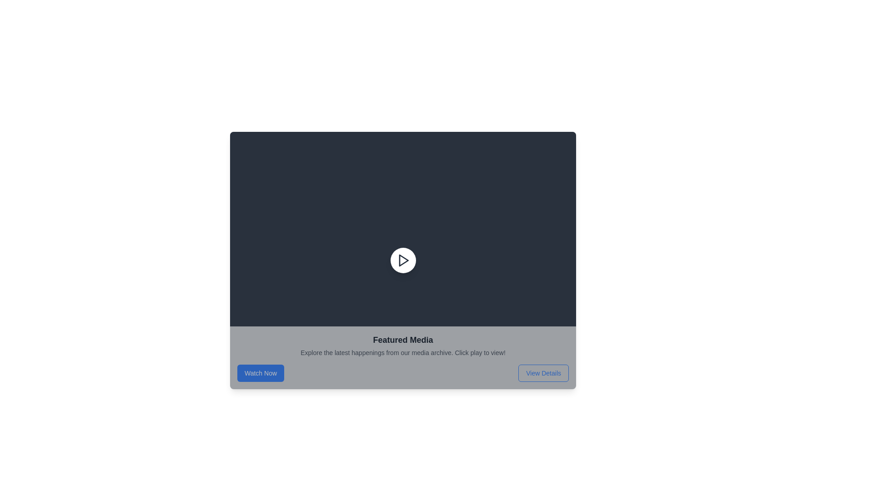  What do you see at coordinates (402, 340) in the screenshot?
I see `the text label styled with bold typography that displays 'Featured Media', positioned above a descriptive paragraph and between the 'Watch Now' and 'View Details' buttons` at bounding box center [402, 340].